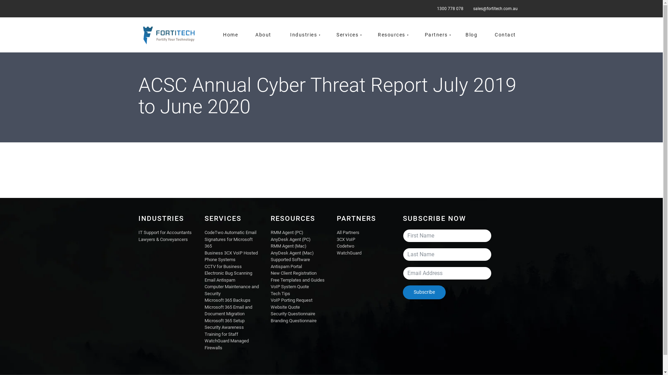 The height and width of the screenshot is (375, 668). I want to click on 'sales@fortitech.com.au', so click(494, 8).